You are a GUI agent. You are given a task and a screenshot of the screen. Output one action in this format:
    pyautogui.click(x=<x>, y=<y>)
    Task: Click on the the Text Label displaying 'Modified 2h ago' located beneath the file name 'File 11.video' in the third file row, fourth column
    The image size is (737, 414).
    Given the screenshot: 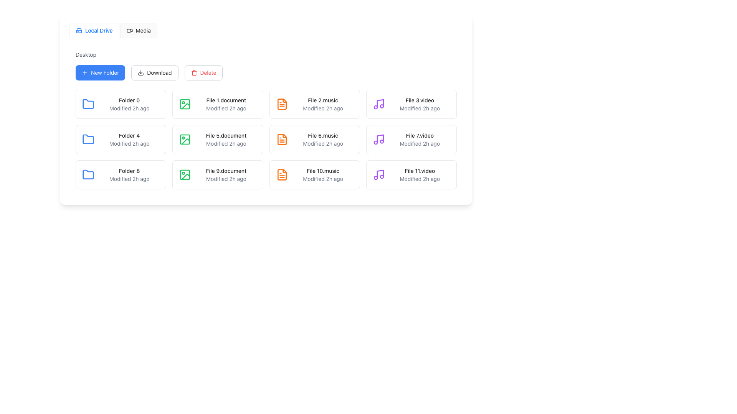 What is the action you would take?
    pyautogui.click(x=419, y=179)
    